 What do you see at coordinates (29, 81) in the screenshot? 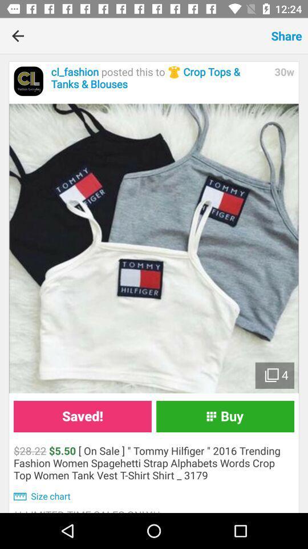
I see `open profile` at bounding box center [29, 81].